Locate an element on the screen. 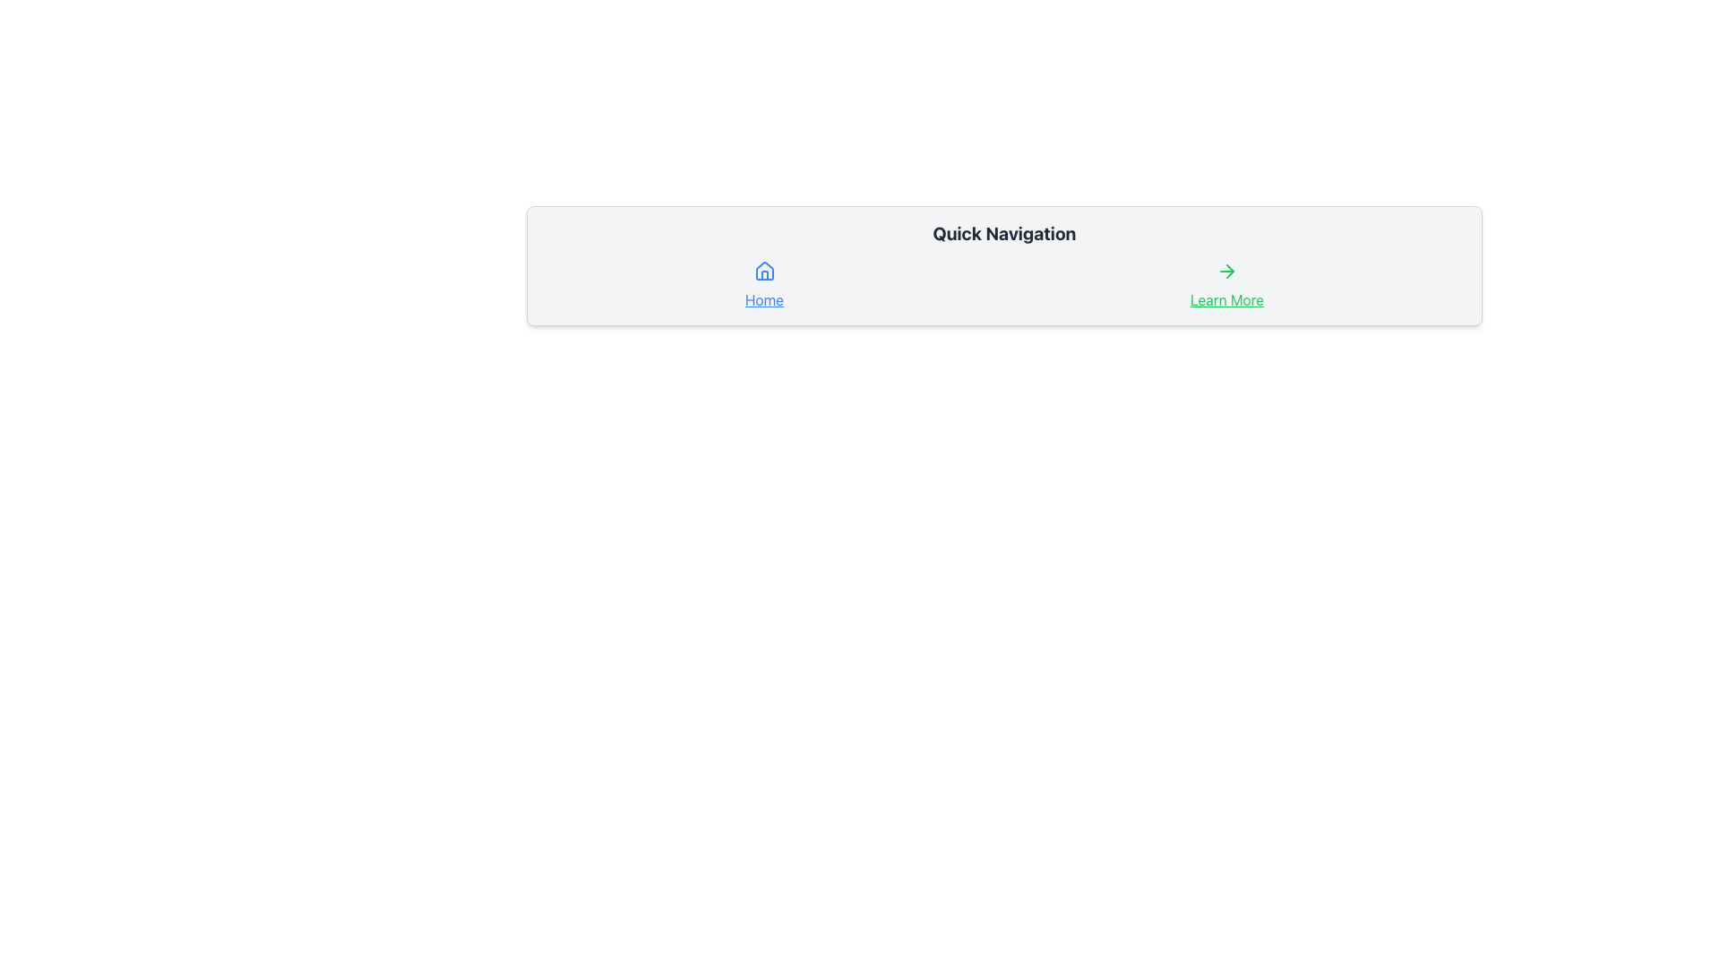  the green outlined arrow icon pointing to the right, located to the right of the 'Learn More' text link is located at coordinates (1225, 272).